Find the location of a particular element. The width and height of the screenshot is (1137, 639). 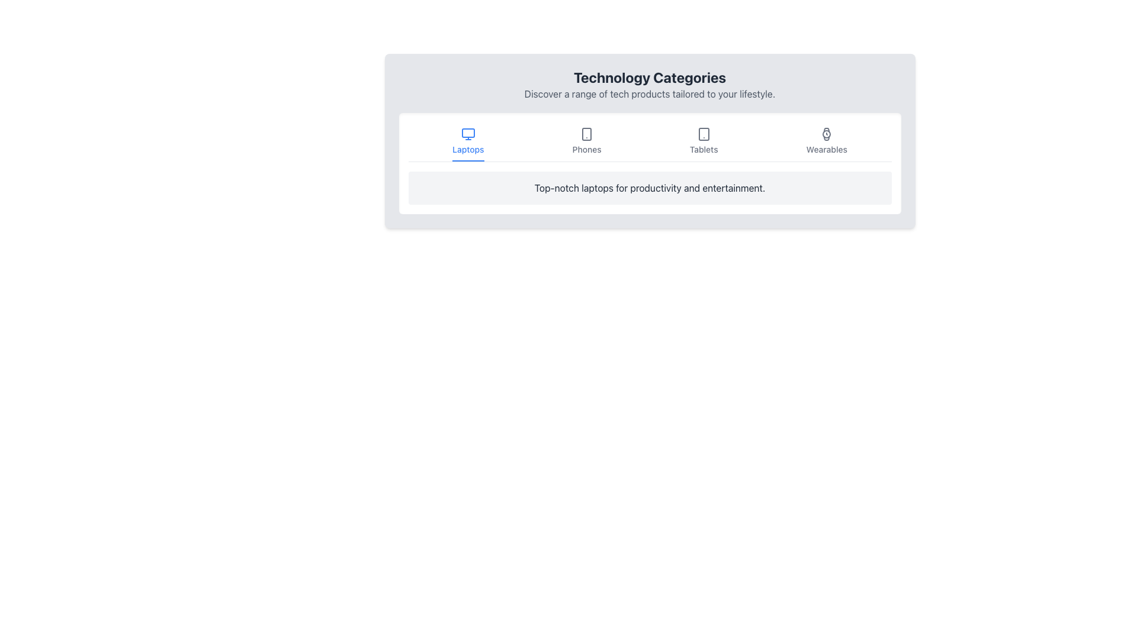

the button labeled 'Laptops' with a monitor icon, which is the first option in the technology categories menu is located at coordinates (467, 141).